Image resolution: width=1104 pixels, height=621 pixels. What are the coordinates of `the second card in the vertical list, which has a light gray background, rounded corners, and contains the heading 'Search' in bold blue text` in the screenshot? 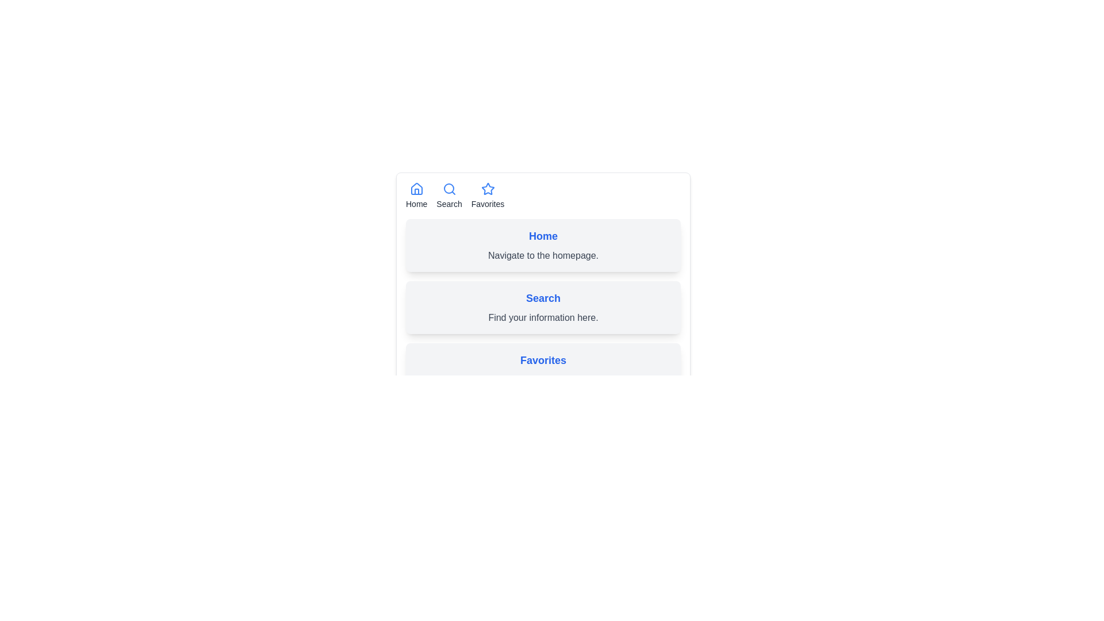 It's located at (543, 307).